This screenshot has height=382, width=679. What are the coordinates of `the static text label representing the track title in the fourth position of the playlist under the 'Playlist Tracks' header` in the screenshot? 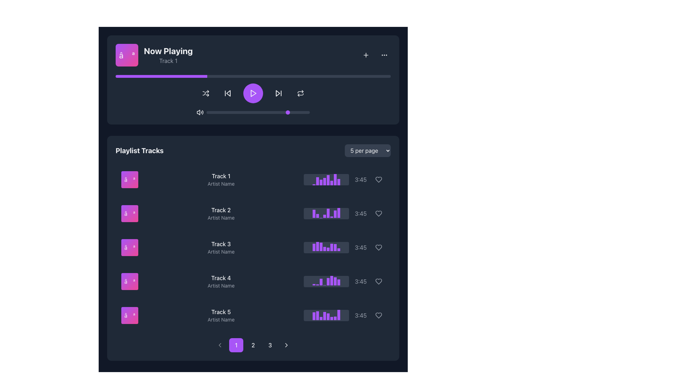 It's located at (221, 278).